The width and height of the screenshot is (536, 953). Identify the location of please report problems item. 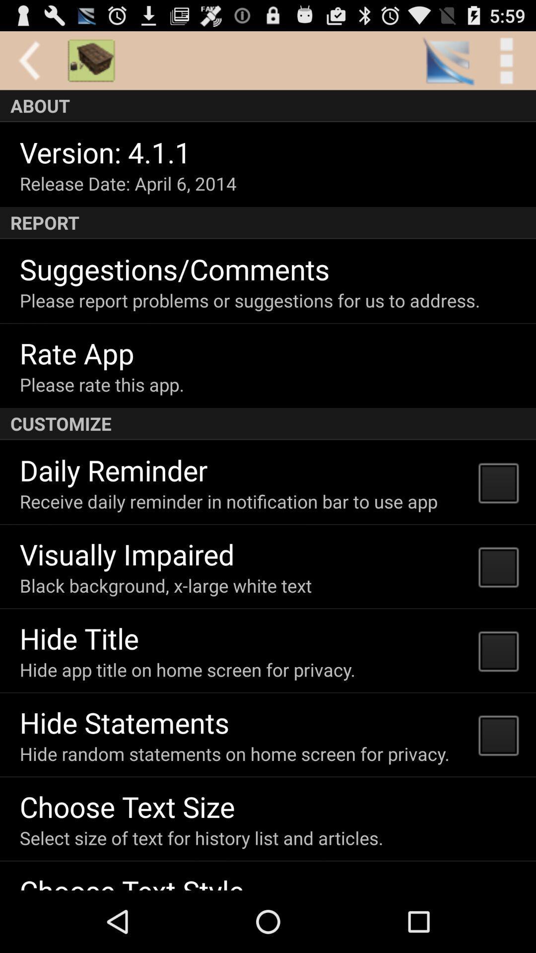
(249, 300).